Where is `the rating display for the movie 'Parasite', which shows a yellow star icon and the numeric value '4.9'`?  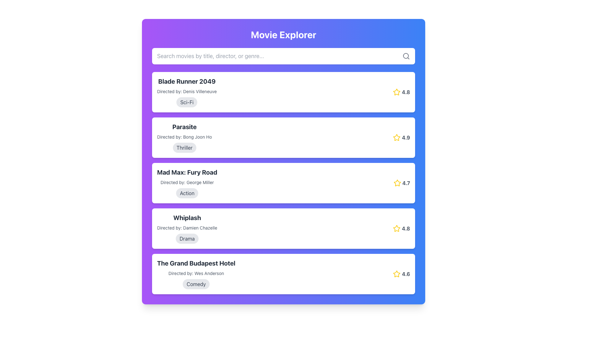
the rating display for the movie 'Parasite', which shows a yellow star icon and the numeric value '4.9' is located at coordinates (401, 137).